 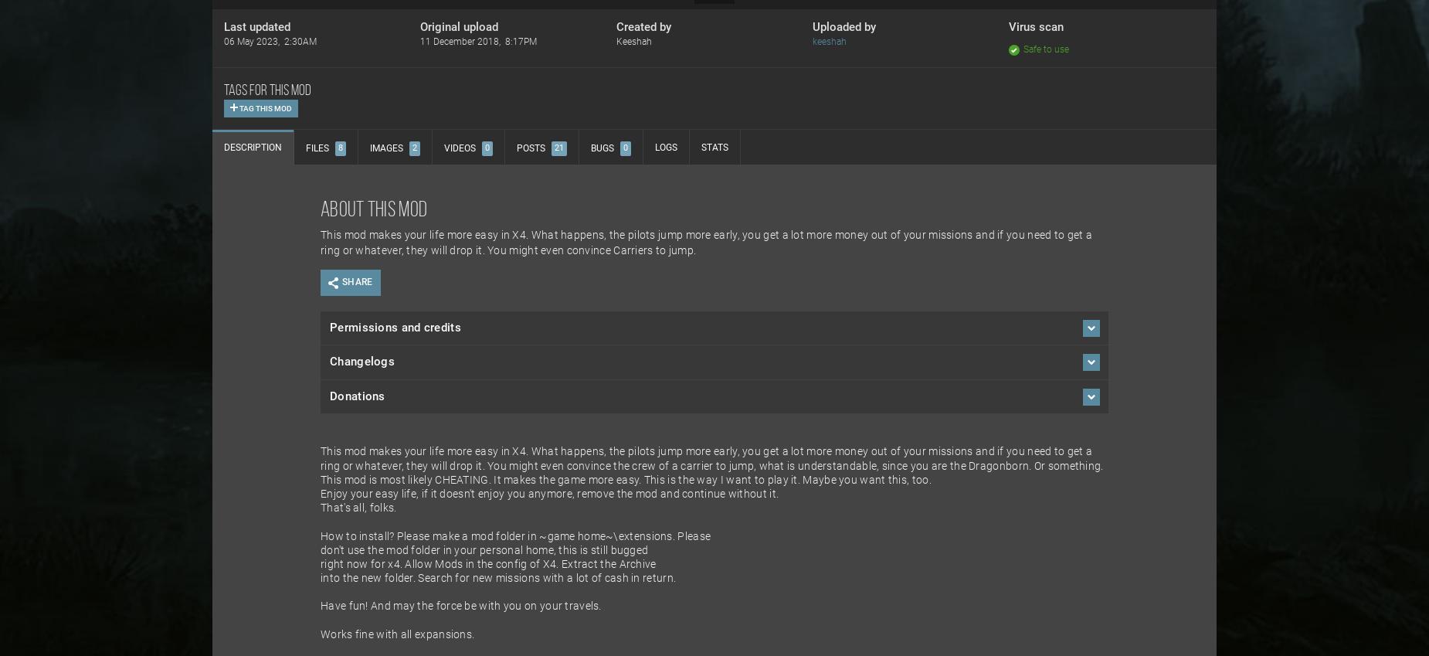 I want to click on 'This mod makes your life more easy in X4. What happens, the pilots jump more early, you get a lot more money out of your missions and if you need to get a ring or whatever, they will drop it. You might even convince Carriers to jump.', so click(x=706, y=241).